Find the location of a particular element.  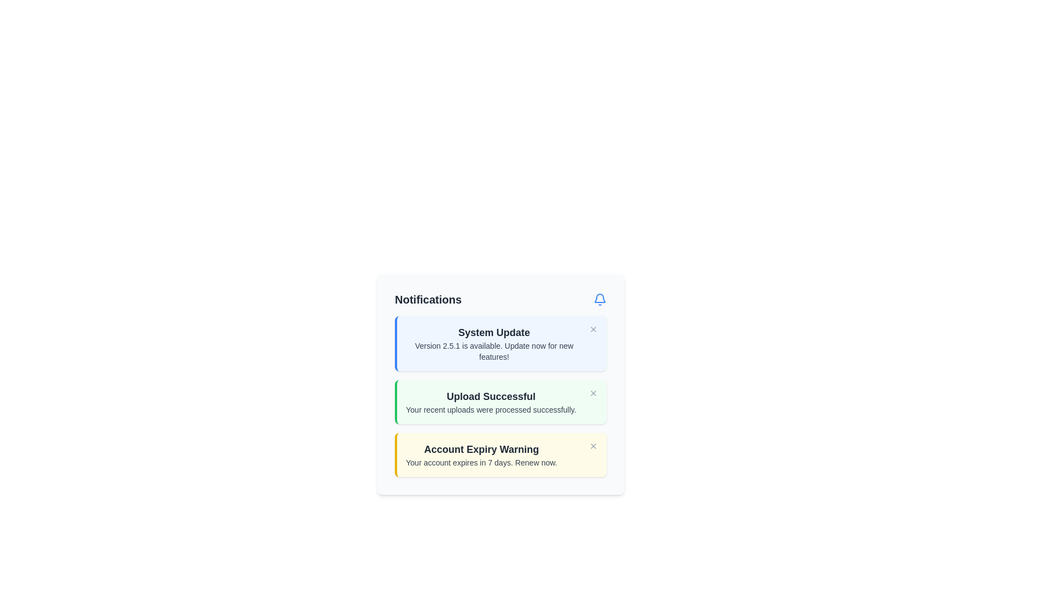

the bell outline notification icon located at the top-right corner of the Notifications panel is located at coordinates (600, 298).